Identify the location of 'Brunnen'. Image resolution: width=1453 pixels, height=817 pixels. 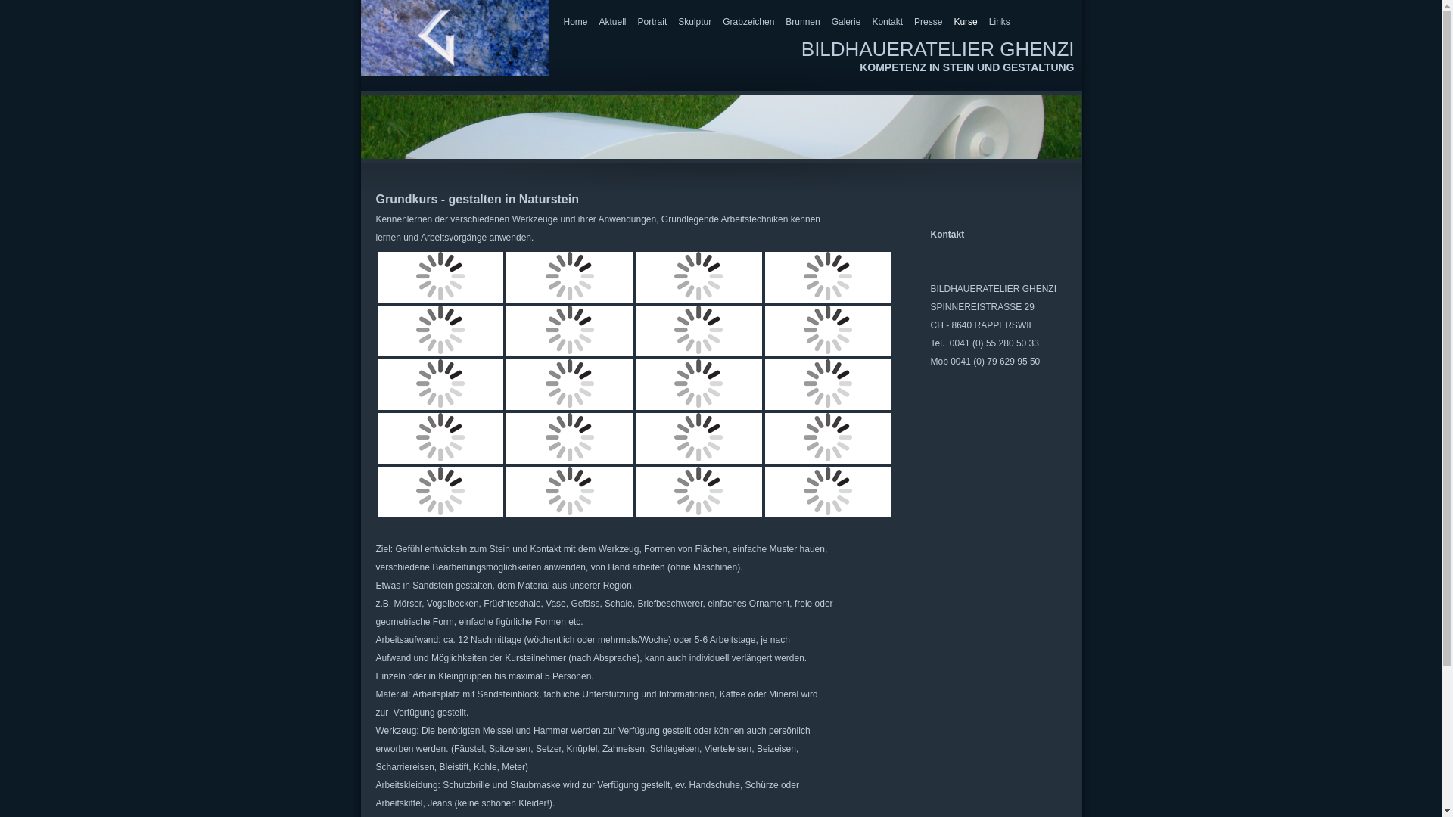
(785, 22).